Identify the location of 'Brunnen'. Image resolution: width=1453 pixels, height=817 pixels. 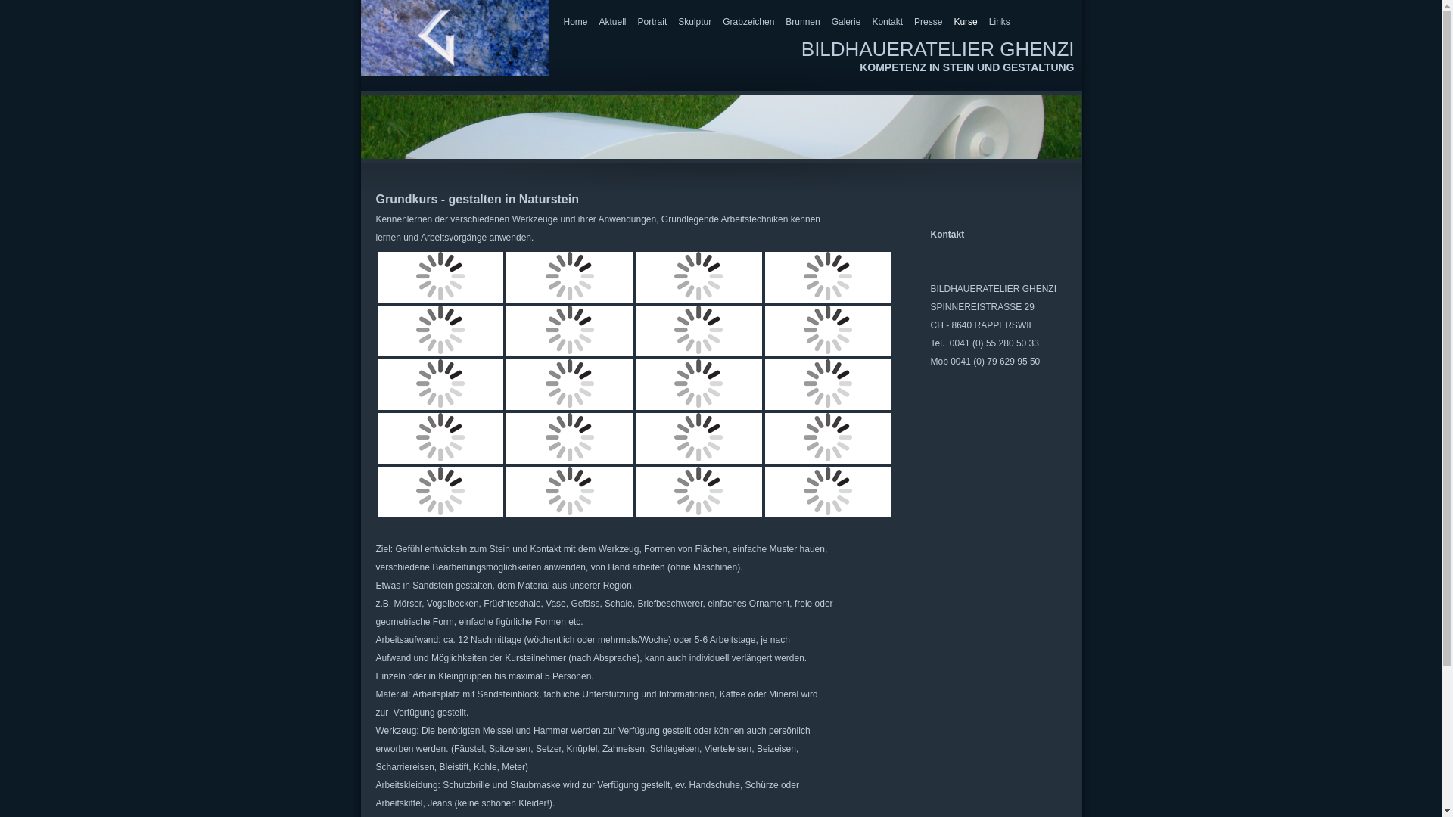
(785, 22).